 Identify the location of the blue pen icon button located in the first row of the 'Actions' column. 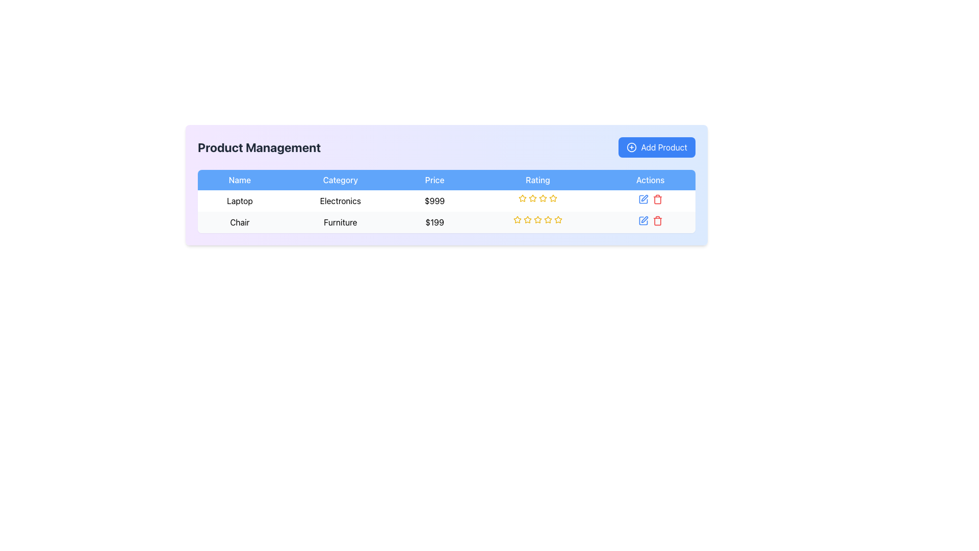
(642, 199).